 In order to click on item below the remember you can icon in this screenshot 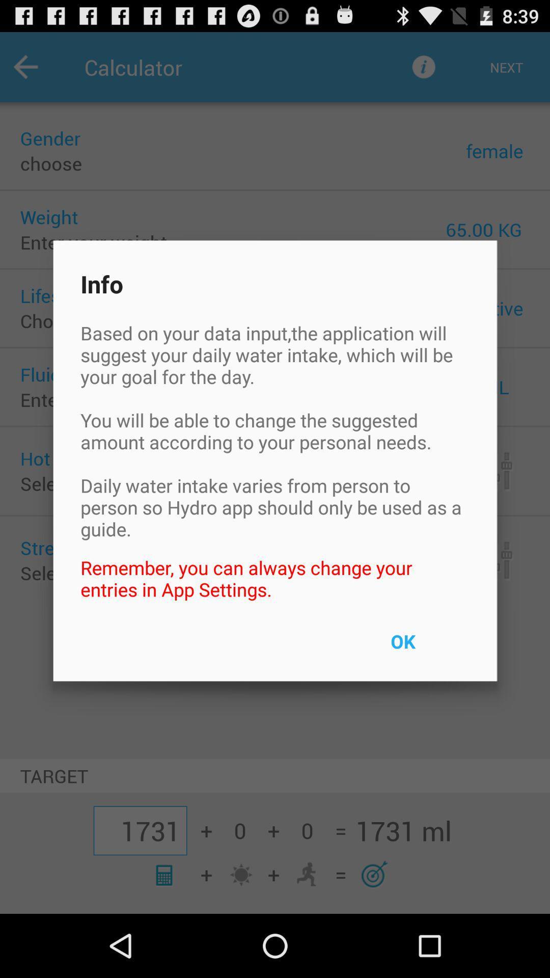, I will do `click(426, 647)`.